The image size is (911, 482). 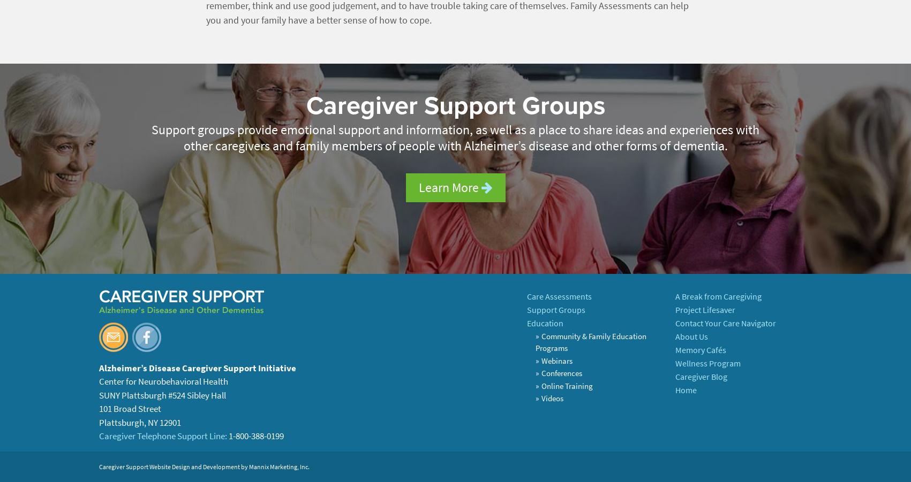 What do you see at coordinates (555, 309) in the screenshot?
I see `'Support Groups'` at bounding box center [555, 309].